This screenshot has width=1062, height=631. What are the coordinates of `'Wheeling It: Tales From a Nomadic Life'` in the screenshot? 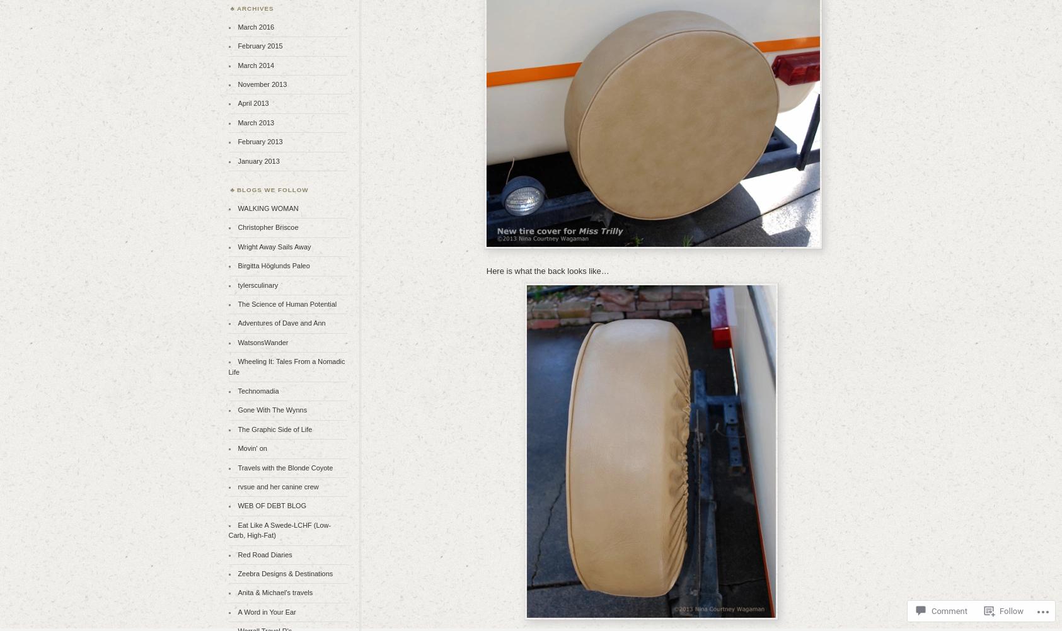 It's located at (286, 366).